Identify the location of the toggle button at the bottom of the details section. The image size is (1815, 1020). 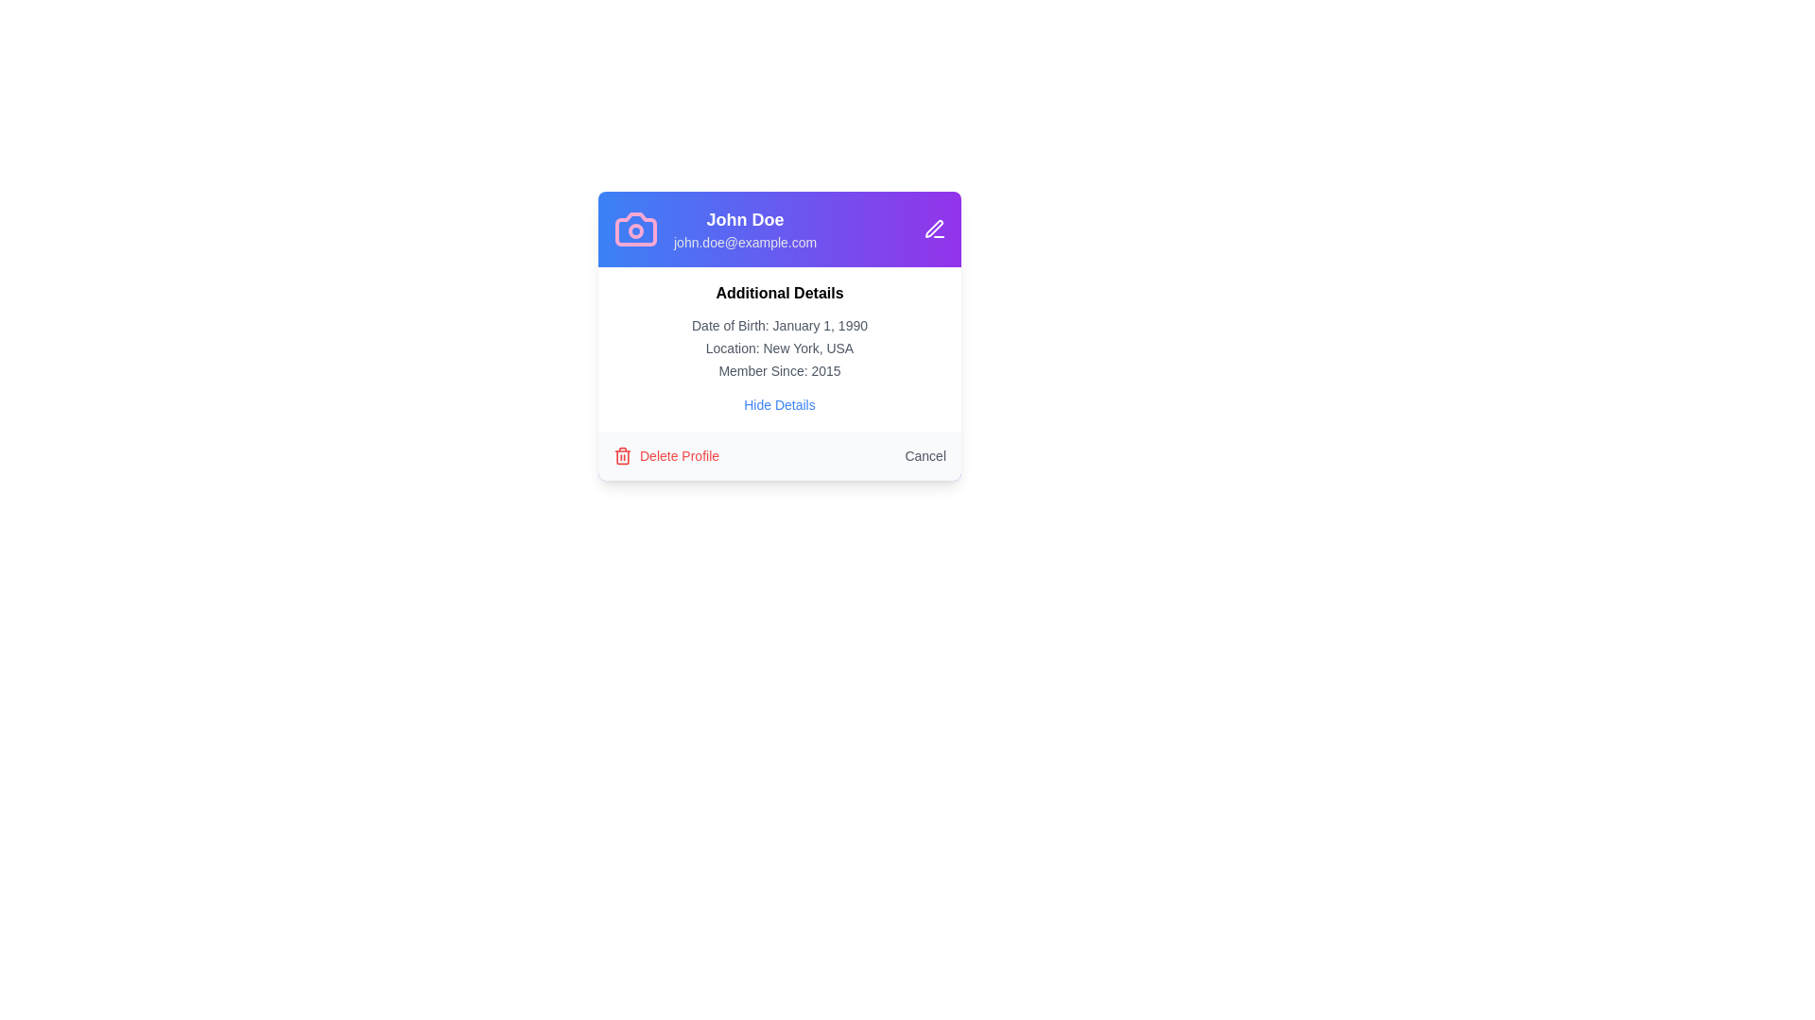
(780, 403).